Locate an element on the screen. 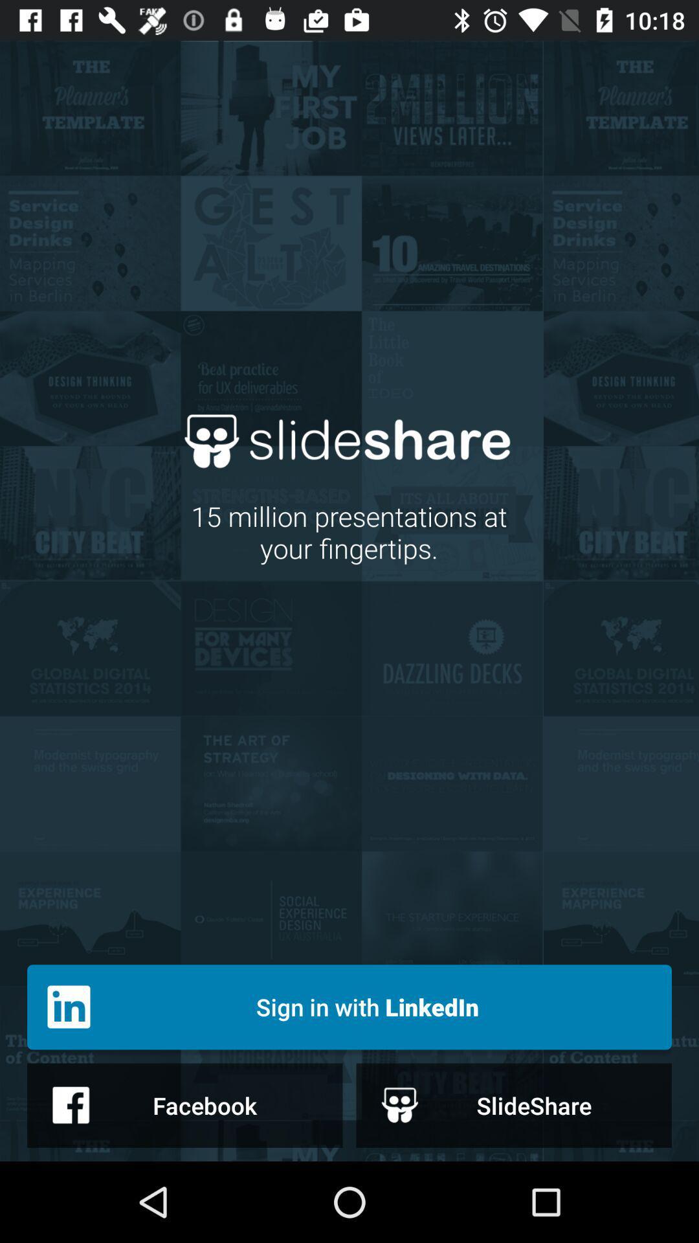  the icon above facebook icon is located at coordinates (349, 1006).